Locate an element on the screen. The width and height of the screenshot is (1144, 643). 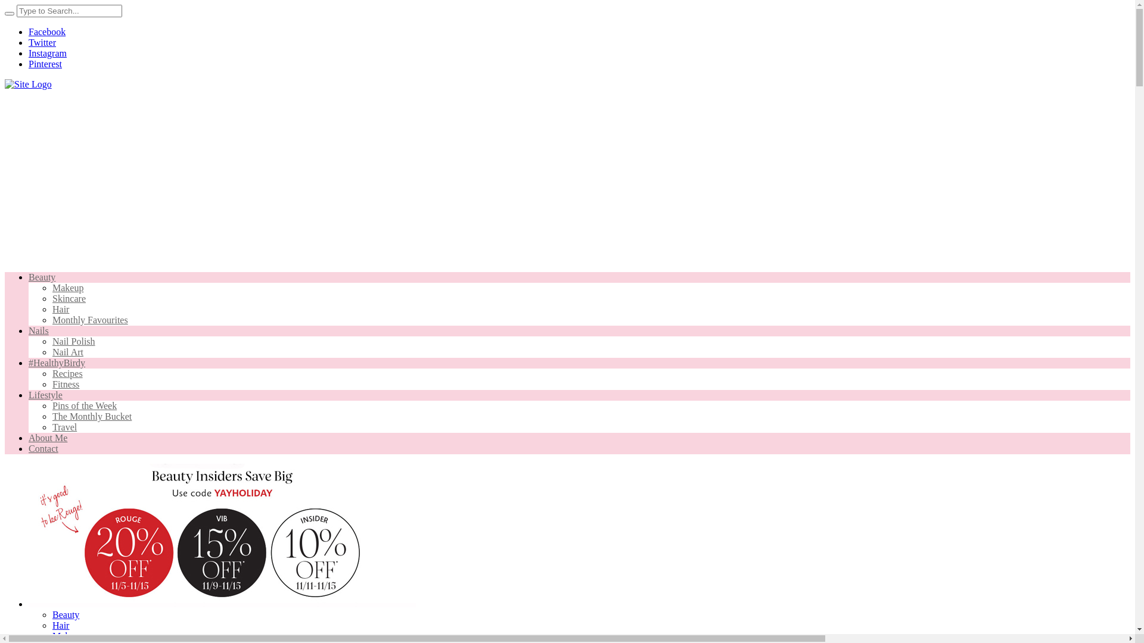
'Pinterest' is located at coordinates (45, 64).